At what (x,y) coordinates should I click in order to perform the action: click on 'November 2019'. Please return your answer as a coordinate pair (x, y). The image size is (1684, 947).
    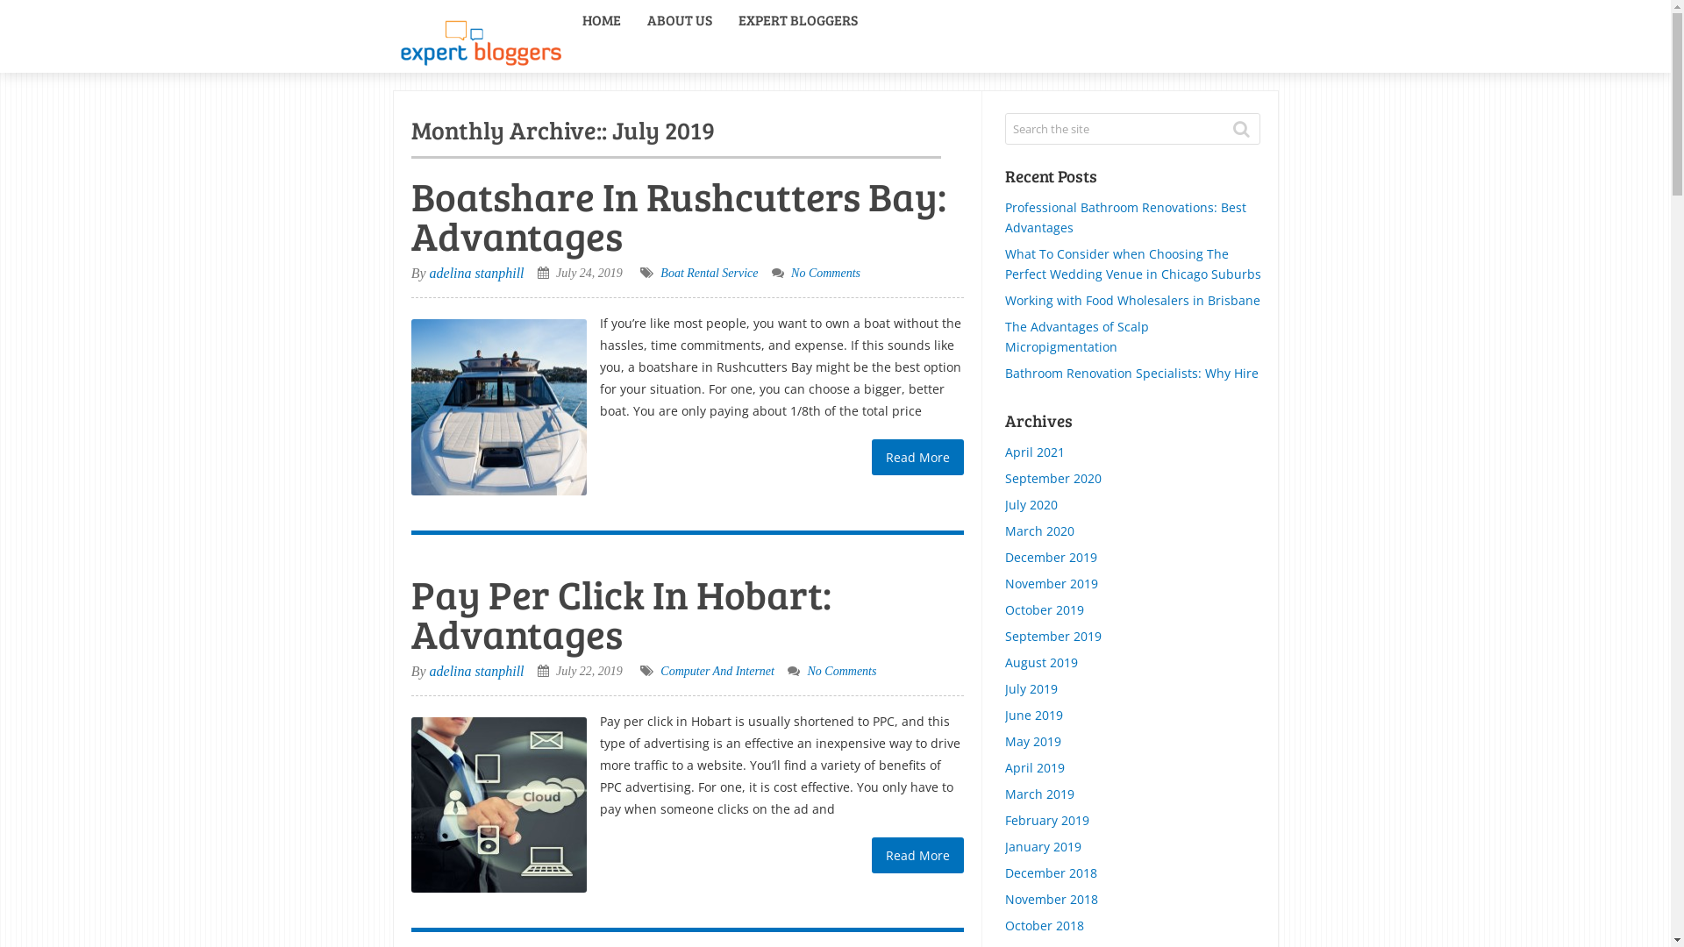
    Looking at the image, I should click on (1052, 583).